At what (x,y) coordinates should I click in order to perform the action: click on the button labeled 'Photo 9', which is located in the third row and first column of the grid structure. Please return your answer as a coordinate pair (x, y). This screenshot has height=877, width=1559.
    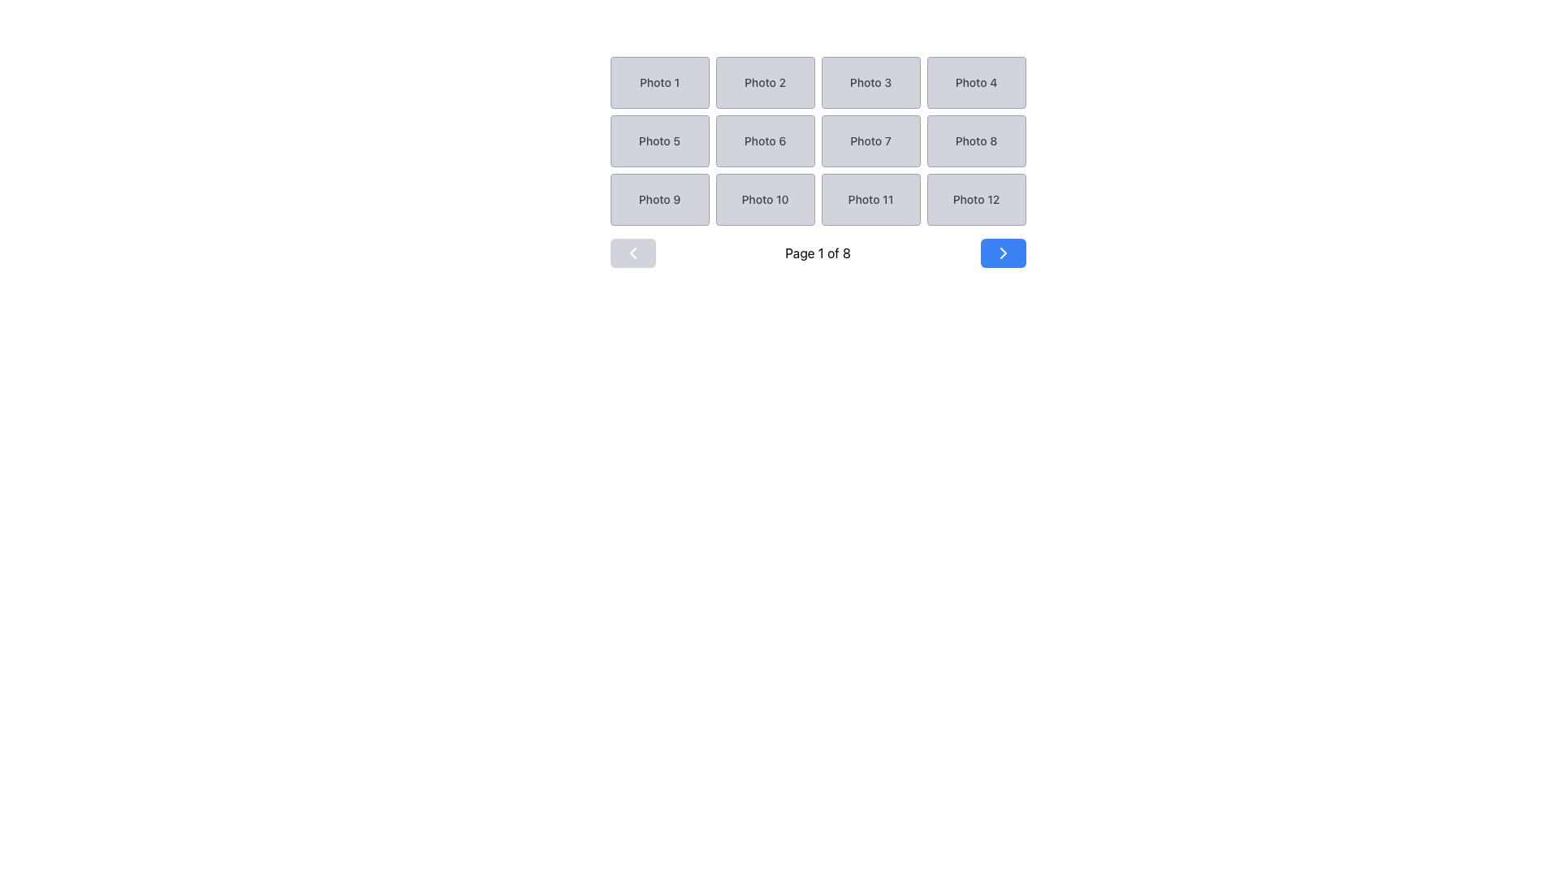
    Looking at the image, I should click on (659, 199).